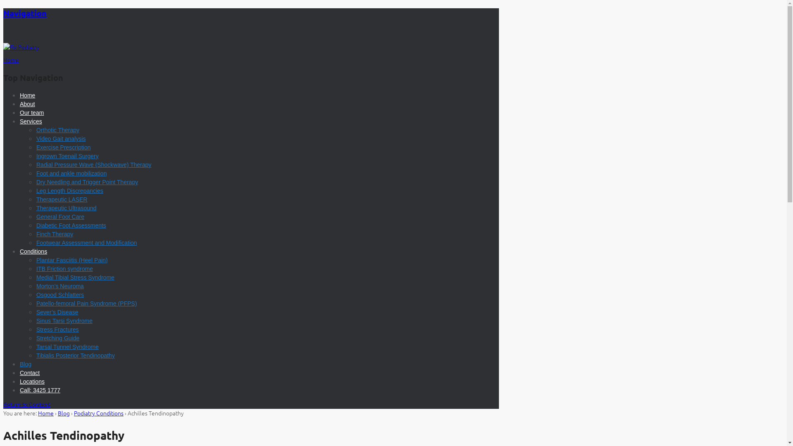  Describe the element at coordinates (72, 259) in the screenshot. I see `'Plantar Fasciitis (Heel Pain)'` at that location.